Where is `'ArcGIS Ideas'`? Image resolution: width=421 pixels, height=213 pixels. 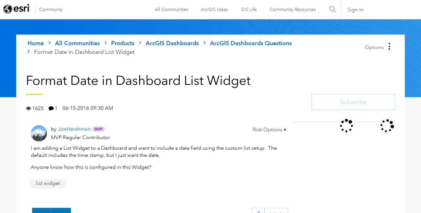 'ArcGIS Ideas' is located at coordinates (214, 9).